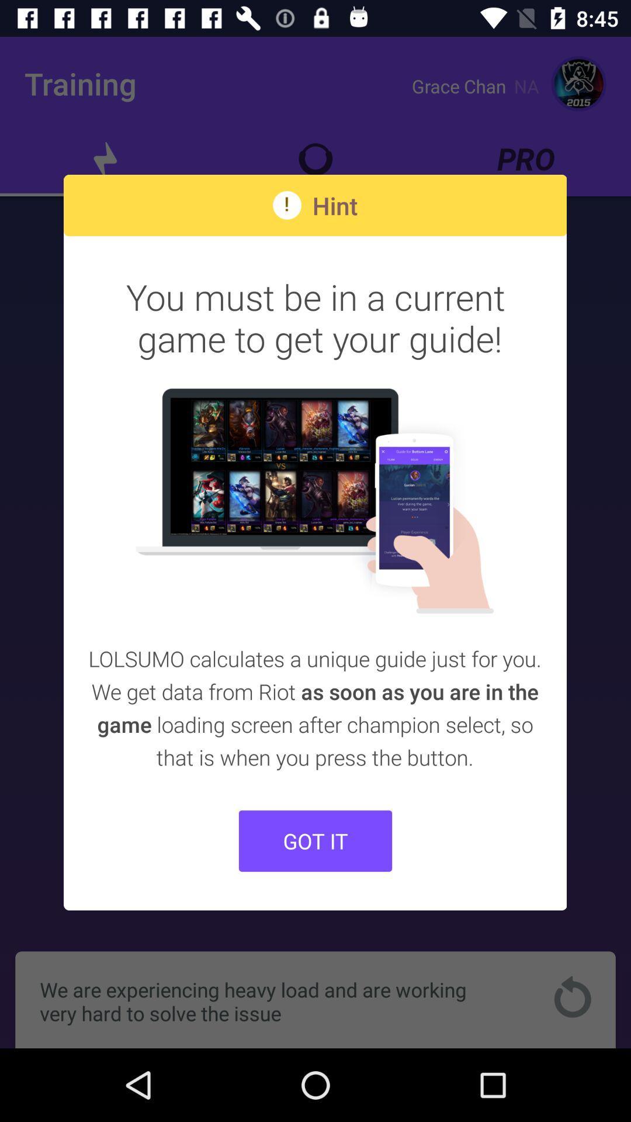  I want to click on the got it, so click(315, 840).